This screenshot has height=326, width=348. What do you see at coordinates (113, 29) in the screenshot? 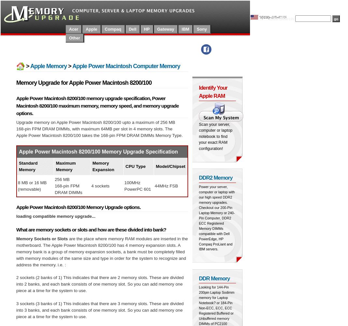
I see `'Compaq'` at bounding box center [113, 29].